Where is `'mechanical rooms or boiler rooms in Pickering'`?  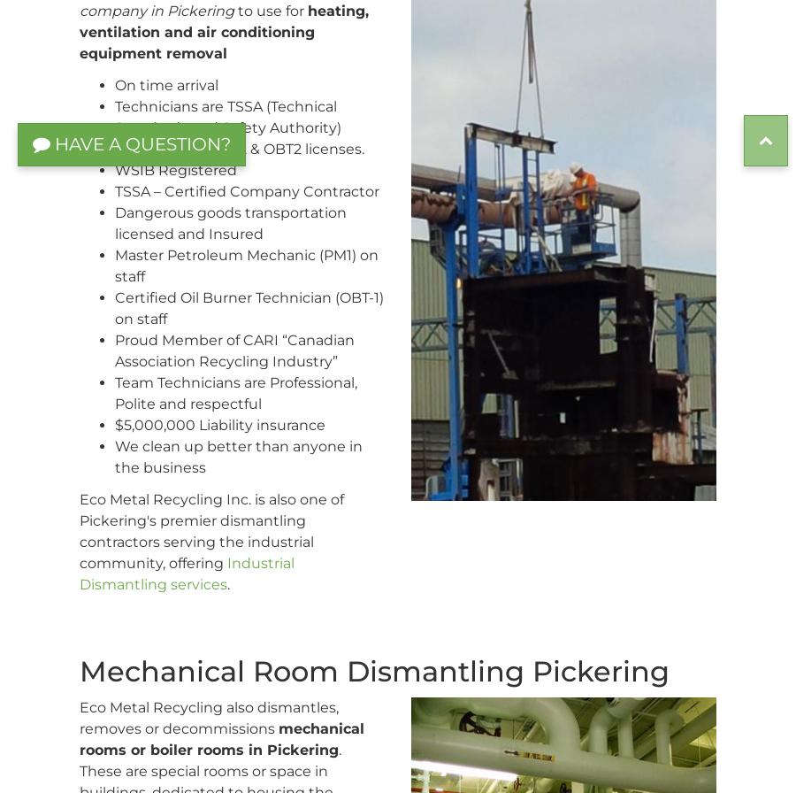 'mechanical rooms or boiler rooms in Pickering' is located at coordinates (221, 739).